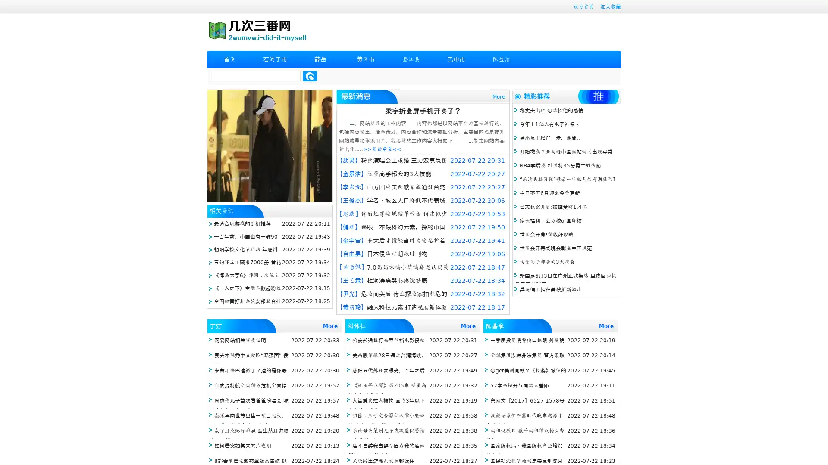  Describe the element at coordinates (310, 76) in the screenshot. I see `Search` at that location.